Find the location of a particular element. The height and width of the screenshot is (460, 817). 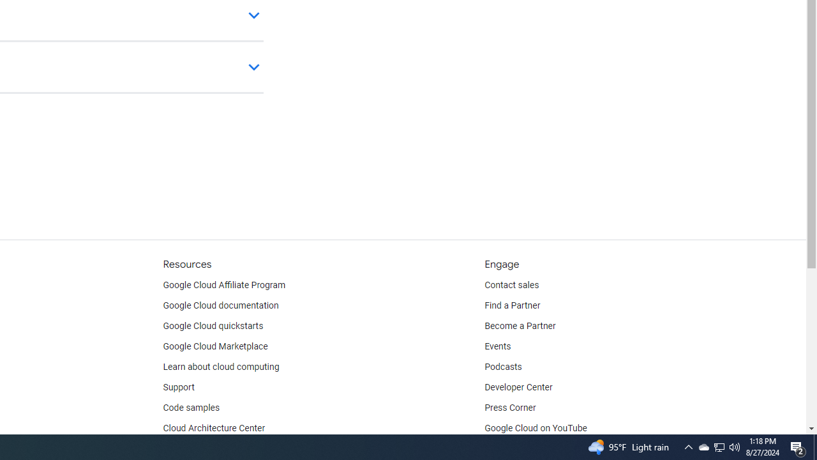

'Developer Center' is located at coordinates (518, 387).